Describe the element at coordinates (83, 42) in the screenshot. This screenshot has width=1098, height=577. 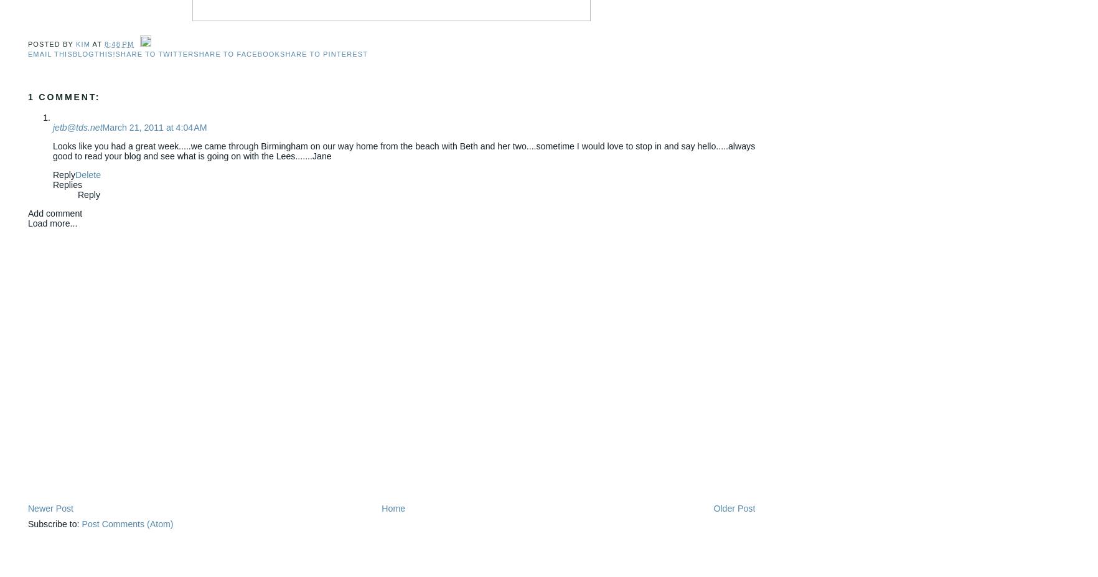
I see `'Kim'` at that location.